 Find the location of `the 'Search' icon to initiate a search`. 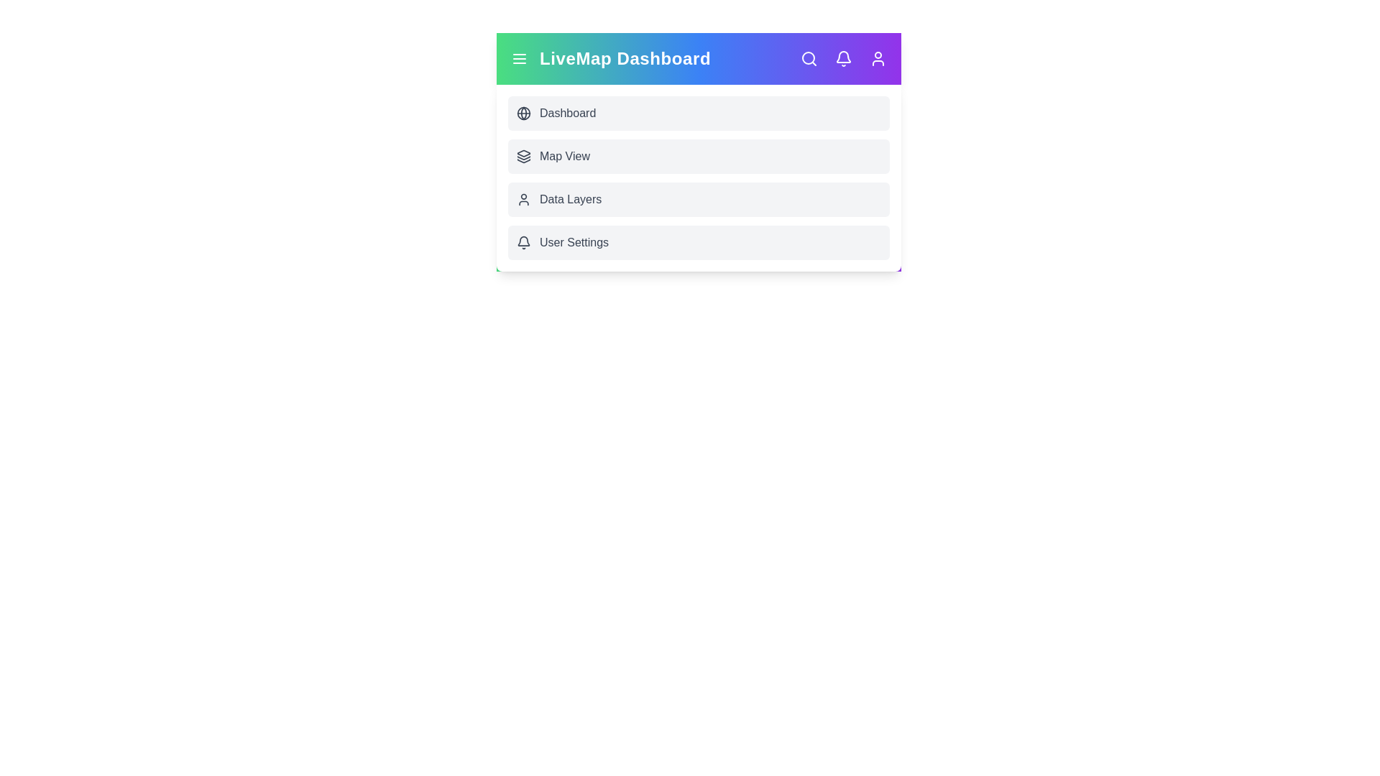

the 'Search' icon to initiate a search is located at coordinates (809, 57).